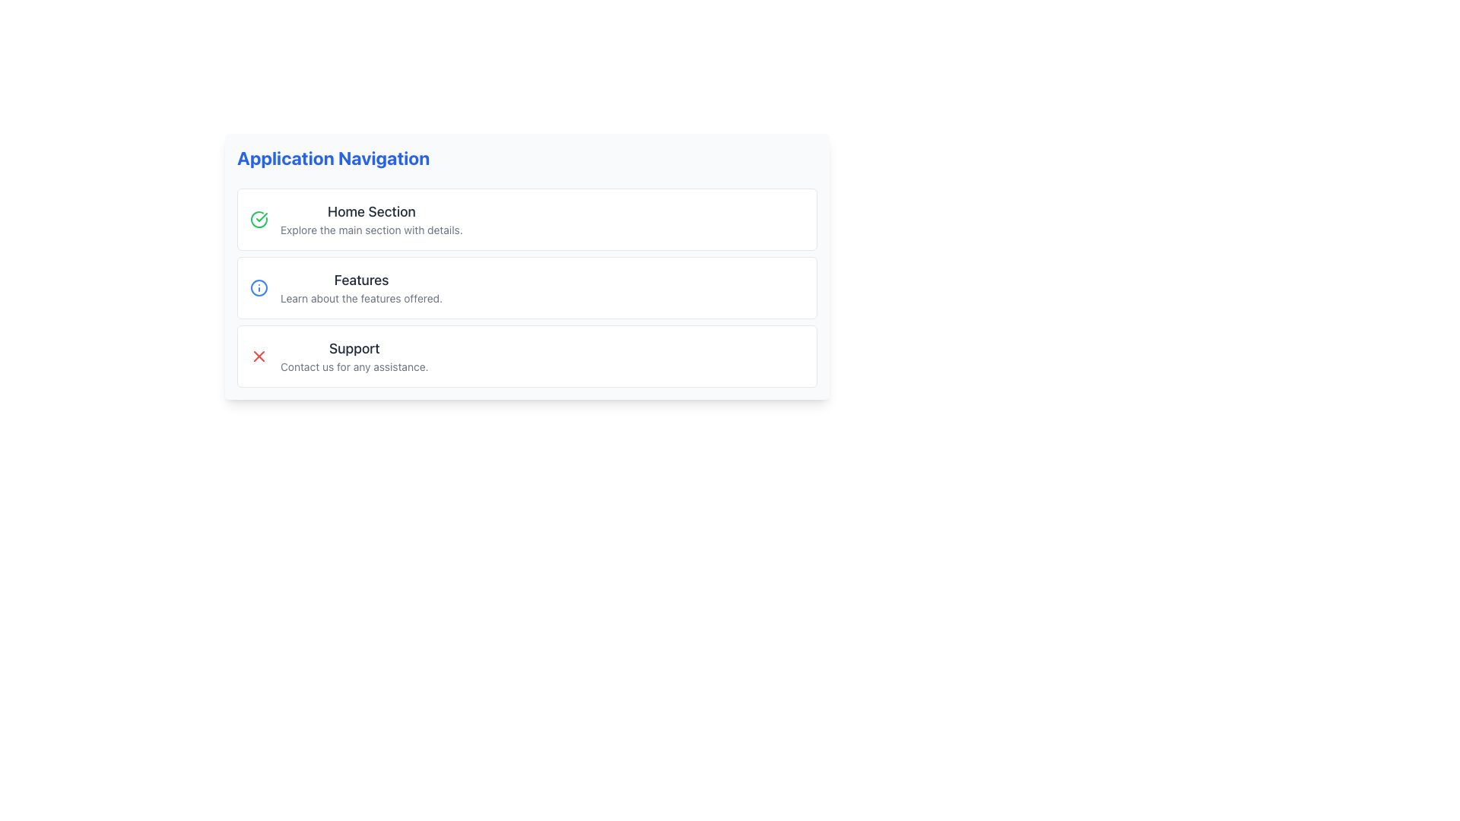 The width and height of the screenshot is (1460, 821). I want to click on the icon indicating the 'Support' section located in the left corner of the 'Application Navigation' section, which precedes the 'Support' title text, so click(259, 357).